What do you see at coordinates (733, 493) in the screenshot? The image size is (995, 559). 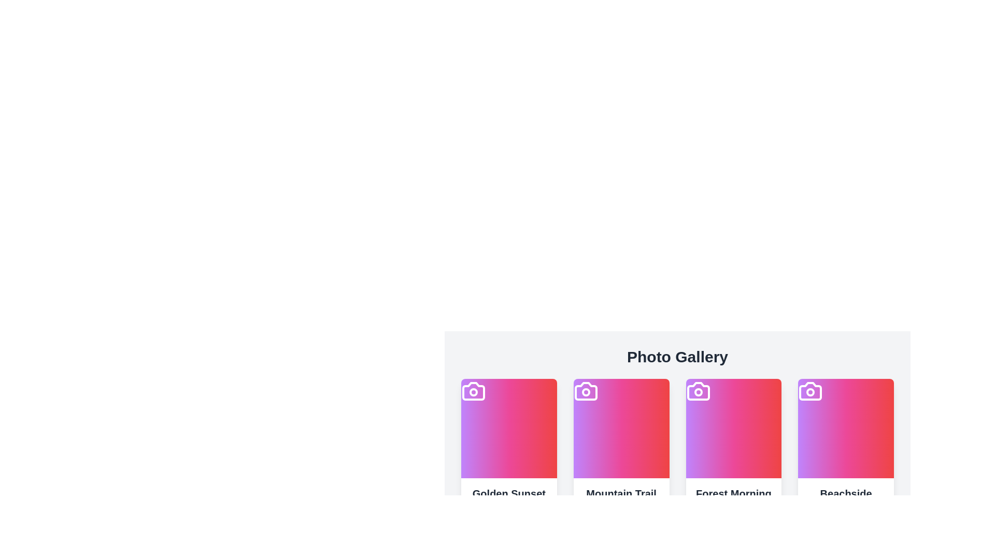 I see `title text label 'Forest Morning', which is styled in a larger, bold font and is the primary title text for the associated visual card located in the third card of a row of gallery cards` at bounding box center [733, 493].